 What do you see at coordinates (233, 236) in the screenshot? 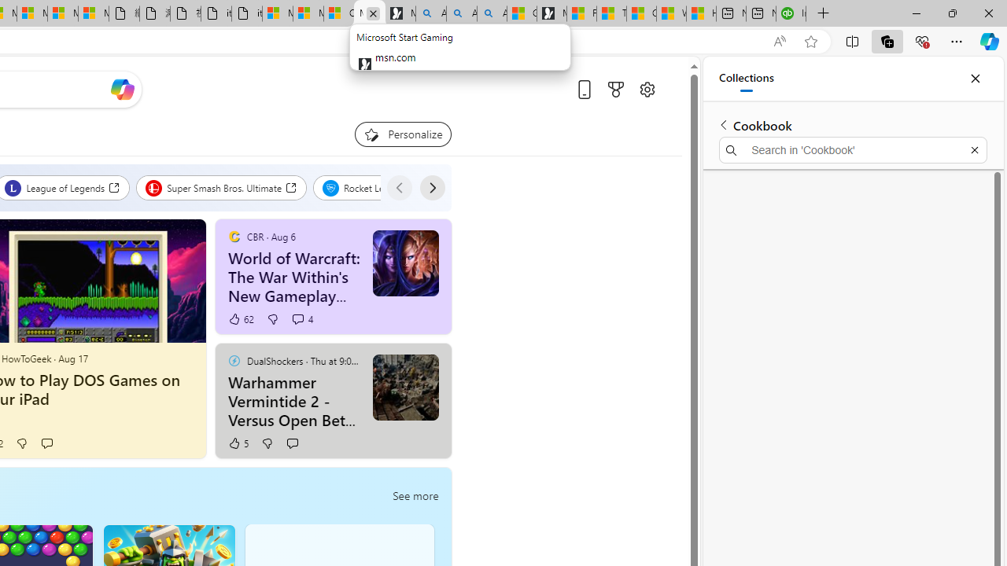
I see `'CBR'` at bounding box center [233, 236].